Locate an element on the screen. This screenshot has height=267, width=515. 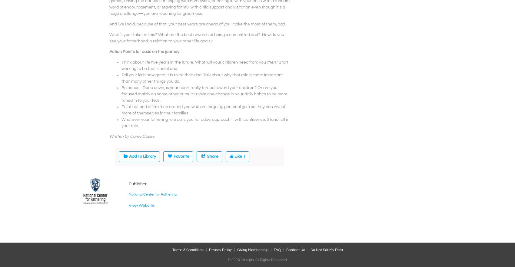
'Add To Library' is located at coordinates (142, 156).